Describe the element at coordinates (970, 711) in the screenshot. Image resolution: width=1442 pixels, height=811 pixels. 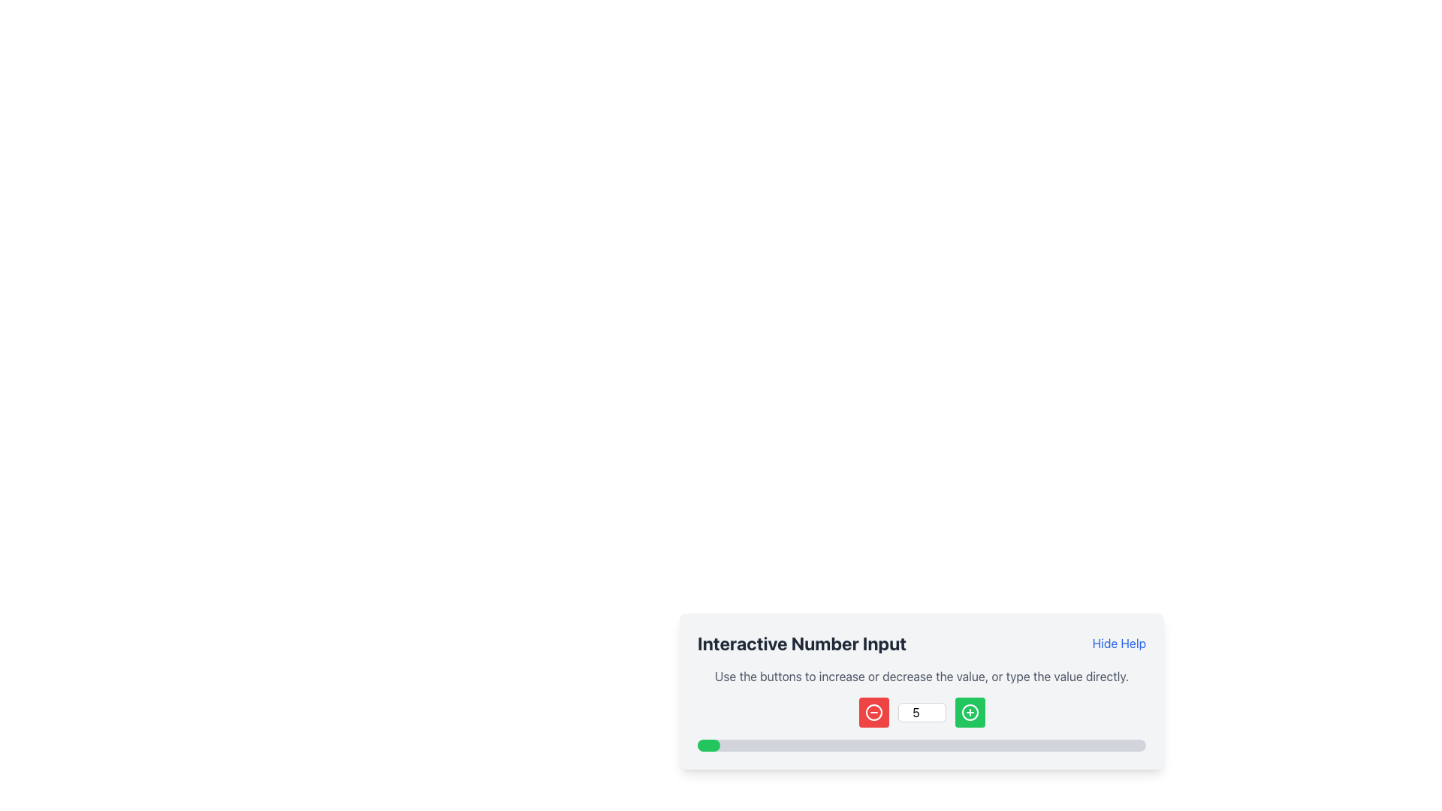
I see `the increment button located on the rightmost side of the interactive elements to increment the value displayed in the input field` at that location.